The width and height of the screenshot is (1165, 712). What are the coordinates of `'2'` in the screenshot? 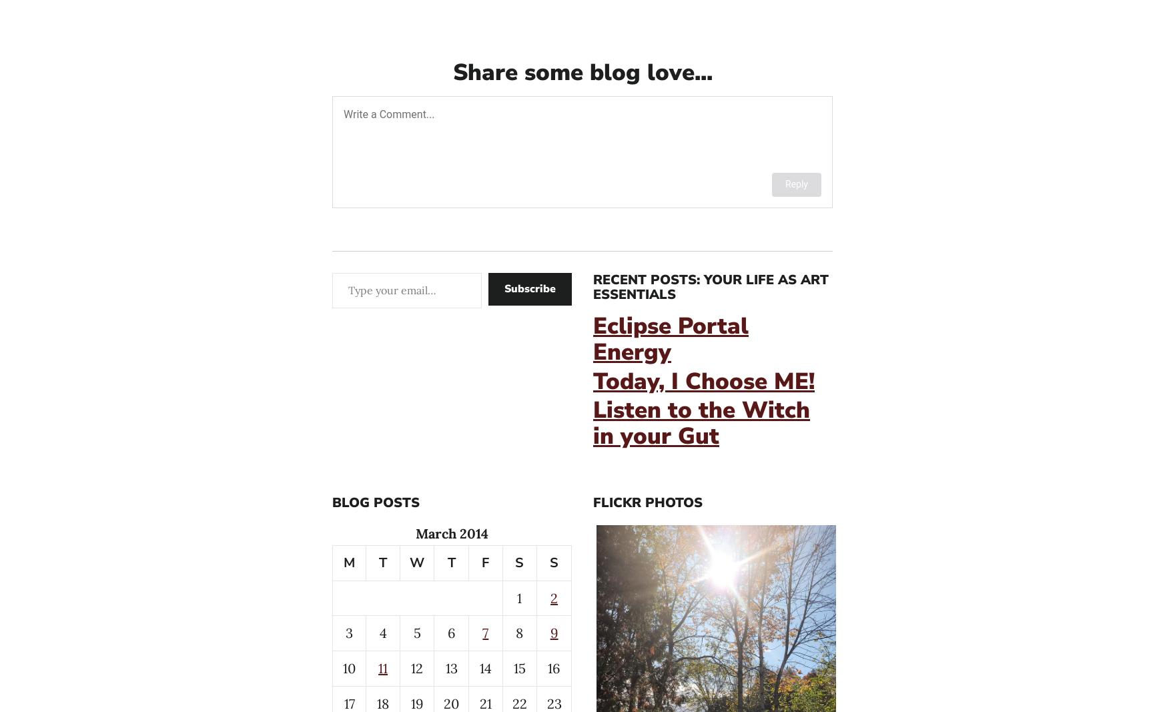 It's located at (554, 597).